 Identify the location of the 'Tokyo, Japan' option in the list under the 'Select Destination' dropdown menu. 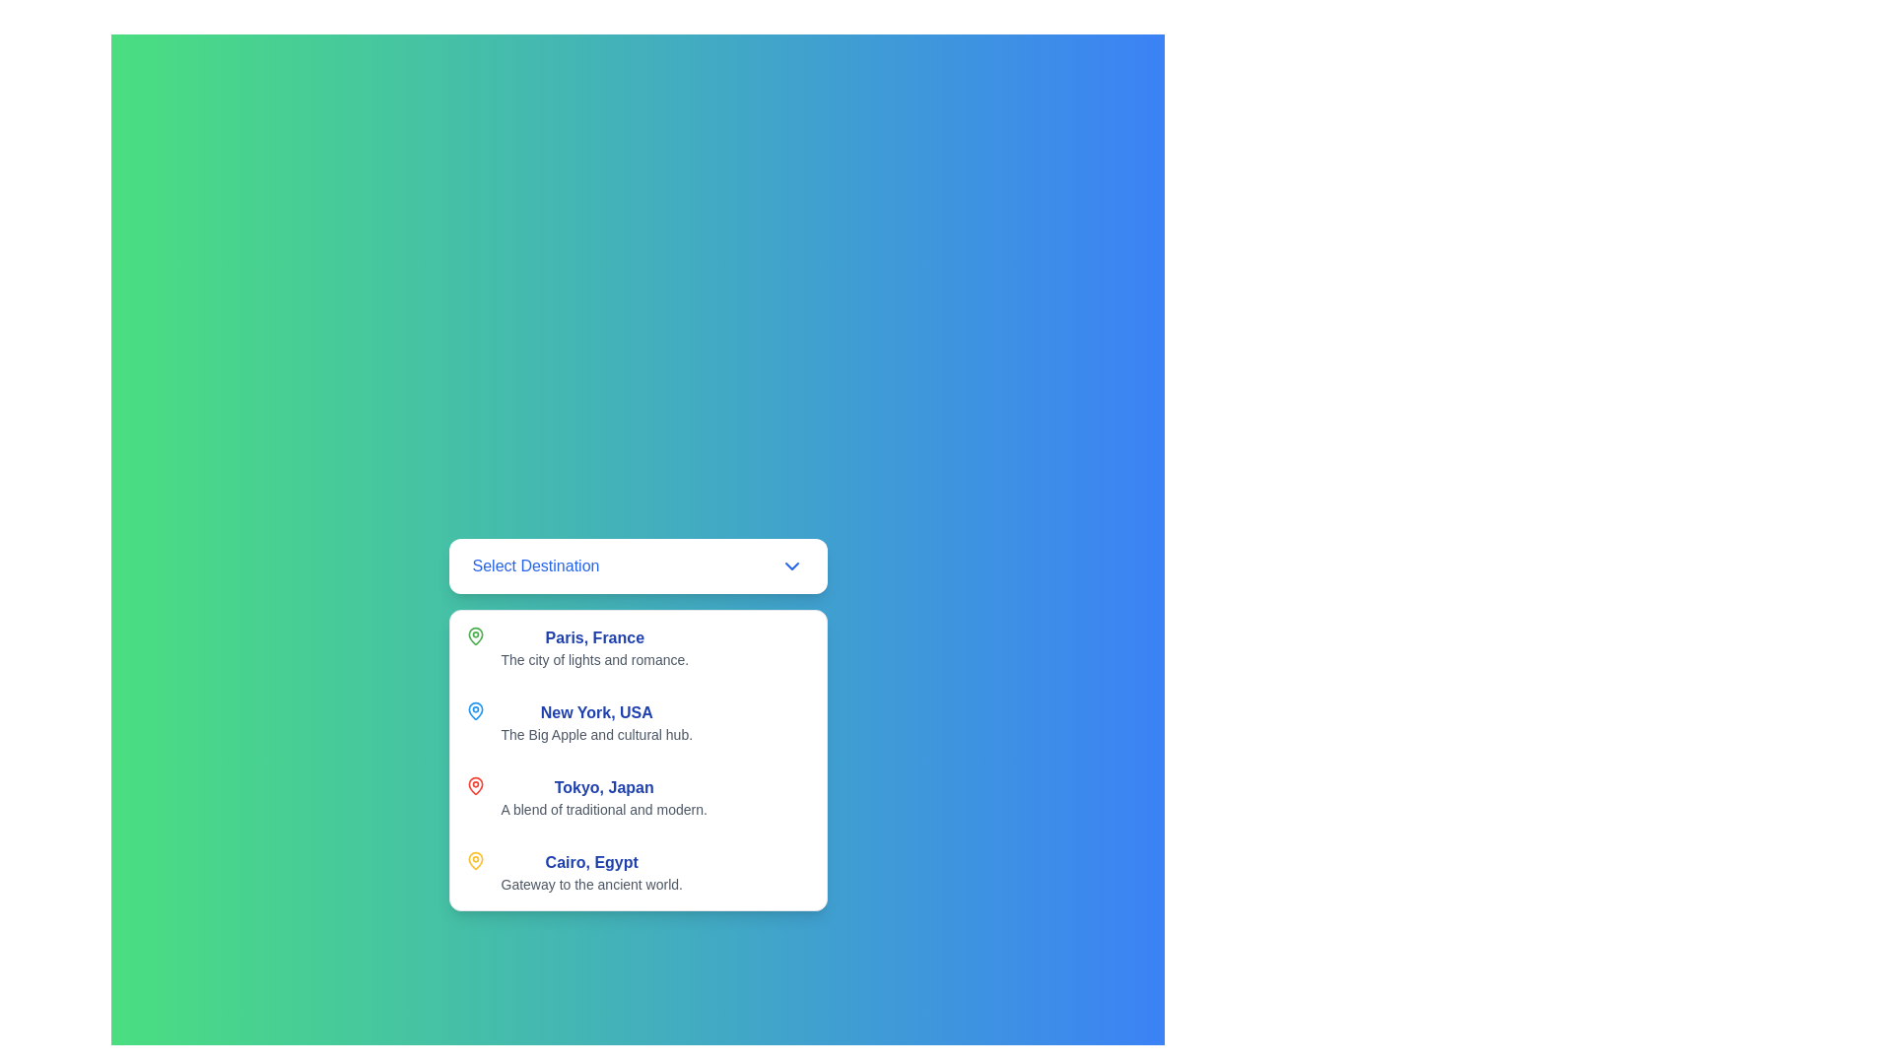
(603, 798).